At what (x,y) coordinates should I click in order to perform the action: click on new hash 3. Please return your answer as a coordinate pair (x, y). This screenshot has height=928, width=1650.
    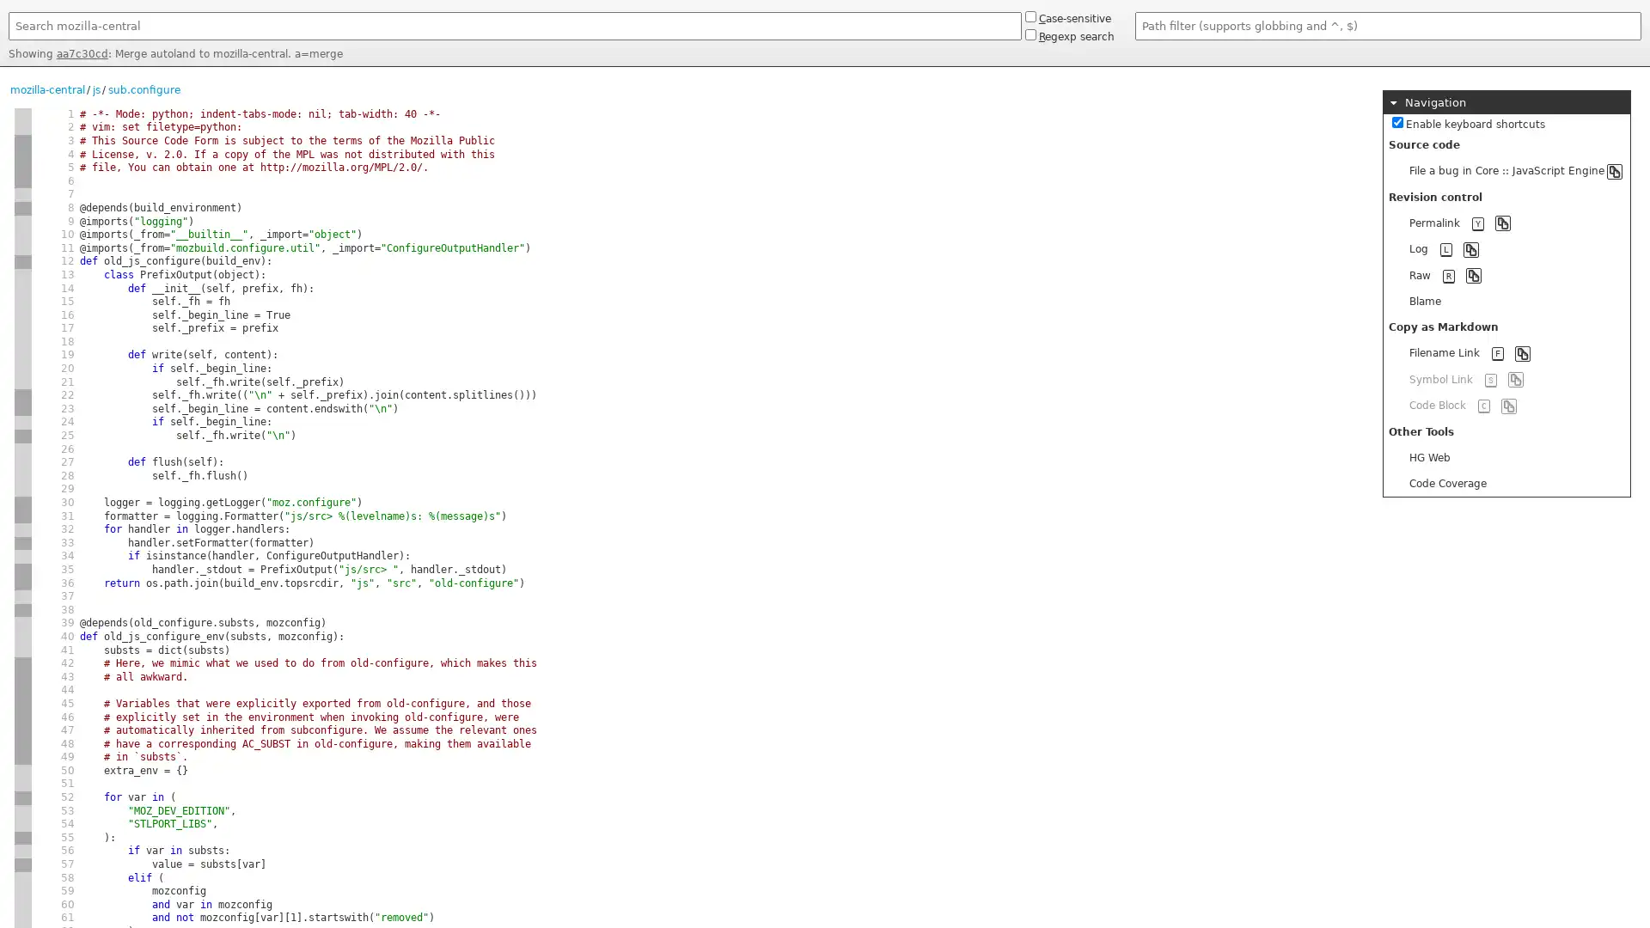
    Looking at the image, I should click on (23, 570).